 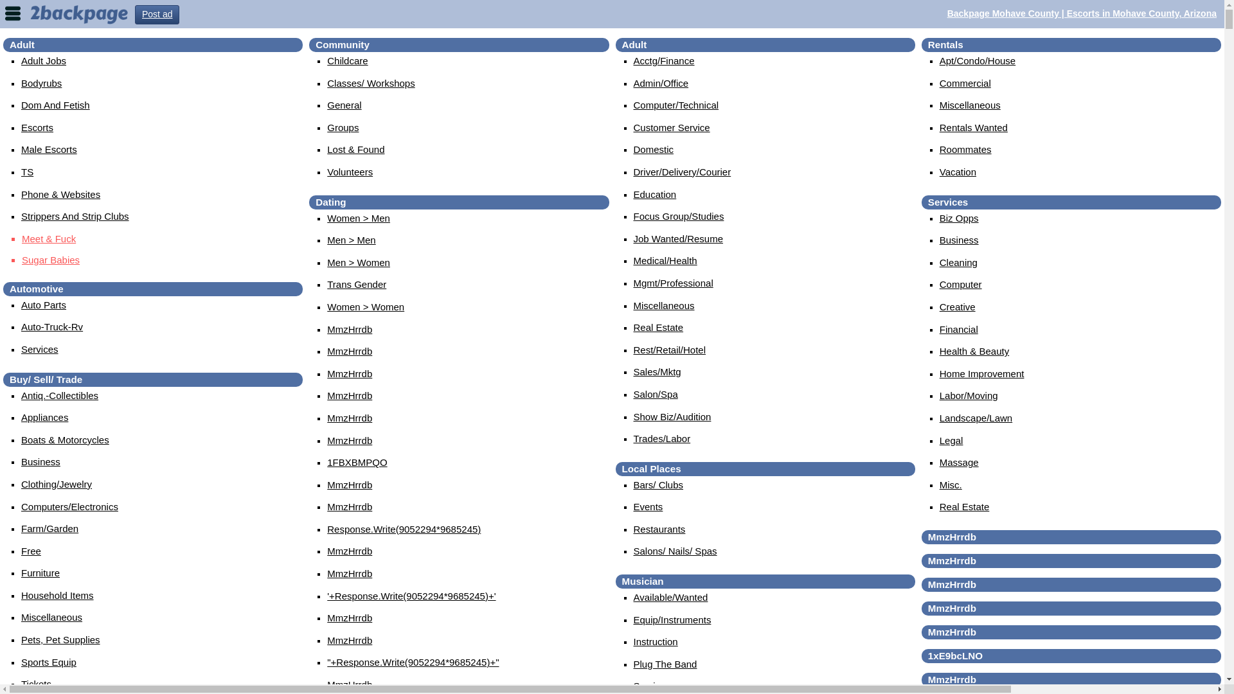 I want to click on 'Misc.', so click(x=951, y=485).